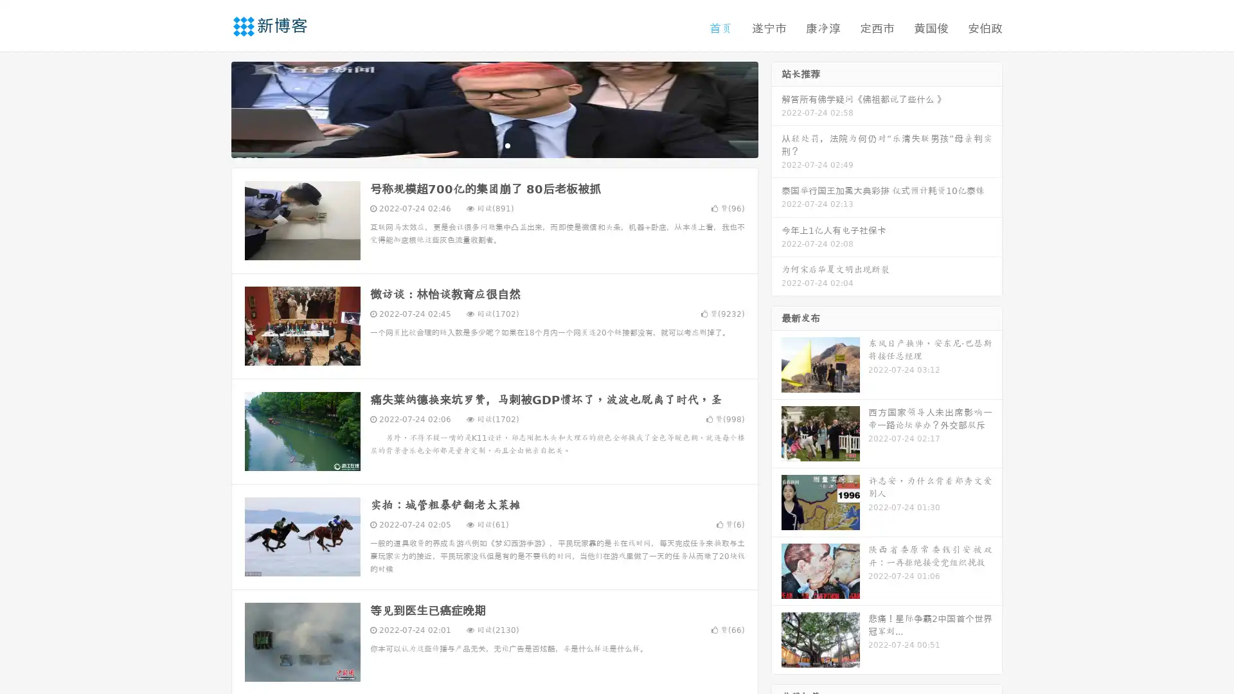 Image resolution: width=1234 pixels, height=694 pixels. Describe the element at coordinates (481, 145) in the screenshot. I see `Go to slide 1` at that location.